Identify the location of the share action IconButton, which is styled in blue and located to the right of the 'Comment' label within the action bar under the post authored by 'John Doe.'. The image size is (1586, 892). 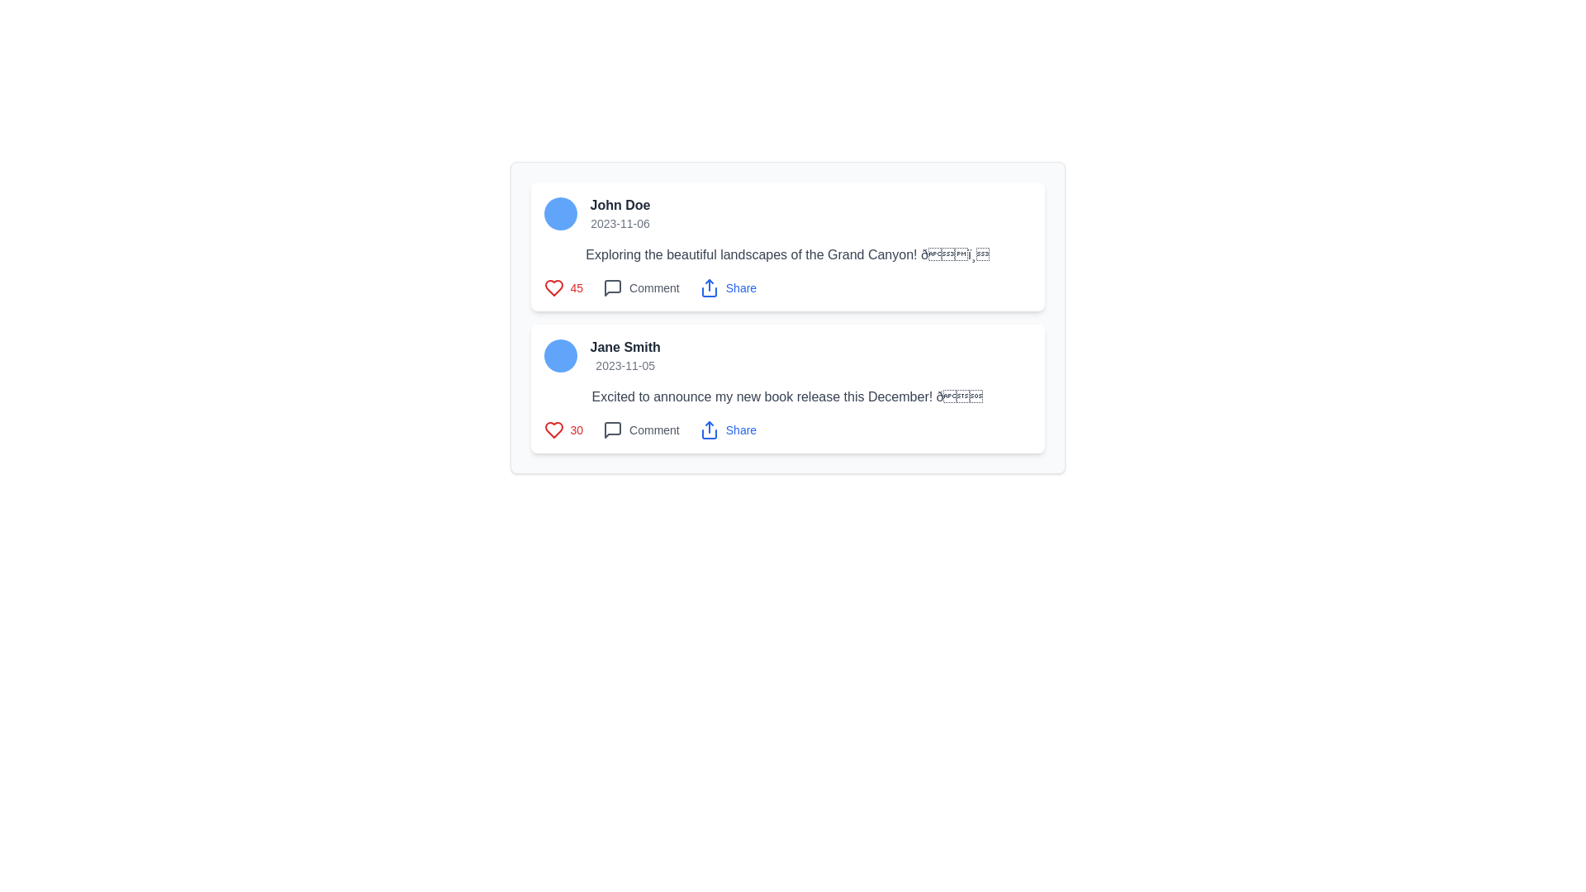
(709, 287).